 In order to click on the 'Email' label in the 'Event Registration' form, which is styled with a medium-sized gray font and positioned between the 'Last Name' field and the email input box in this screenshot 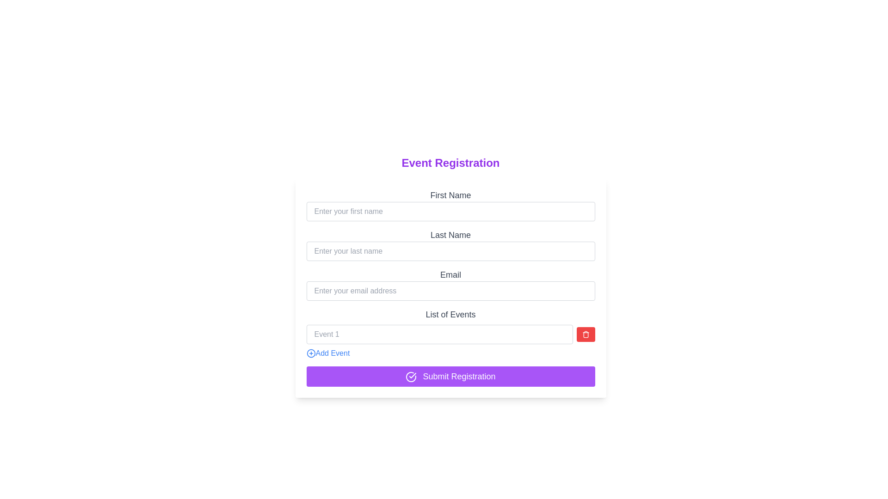, I will do `click(450, 274)`.